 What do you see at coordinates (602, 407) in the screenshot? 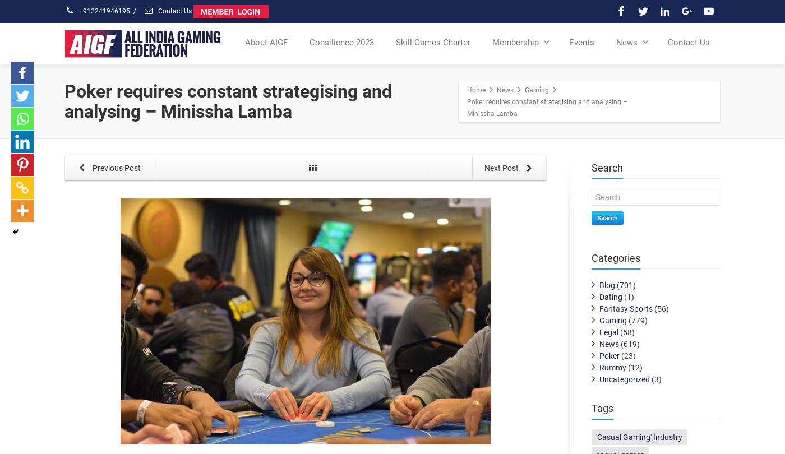
I see `'Tags'` at bounding box center [602, 407].